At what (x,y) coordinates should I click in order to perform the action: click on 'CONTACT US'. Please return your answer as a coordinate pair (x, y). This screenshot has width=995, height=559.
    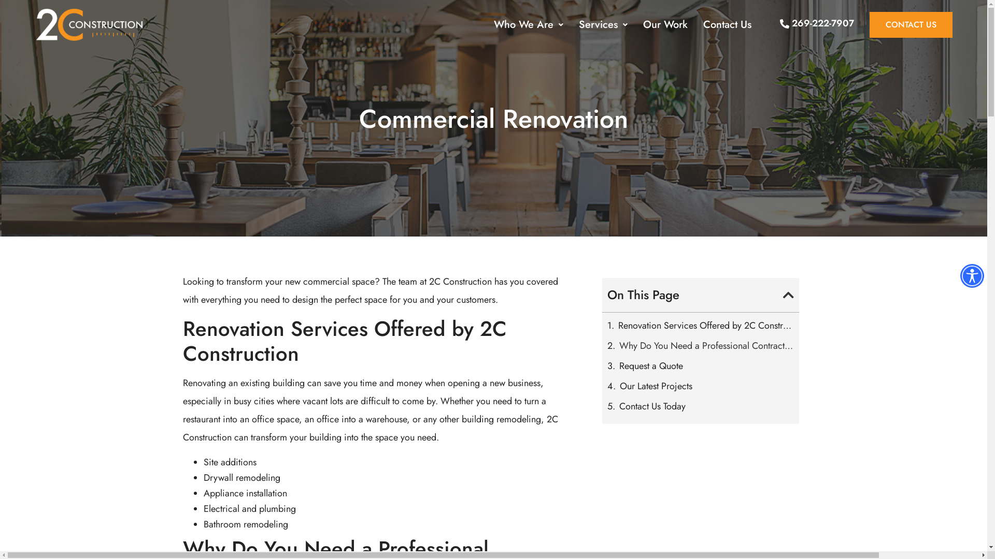
    Looking at the image, I should click on (910, 24).